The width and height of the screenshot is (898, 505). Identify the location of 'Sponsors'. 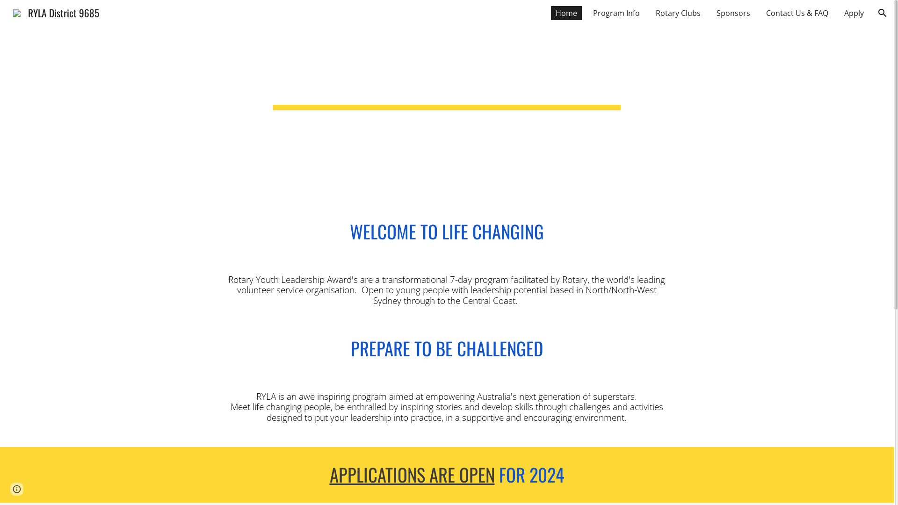
(733, 13).